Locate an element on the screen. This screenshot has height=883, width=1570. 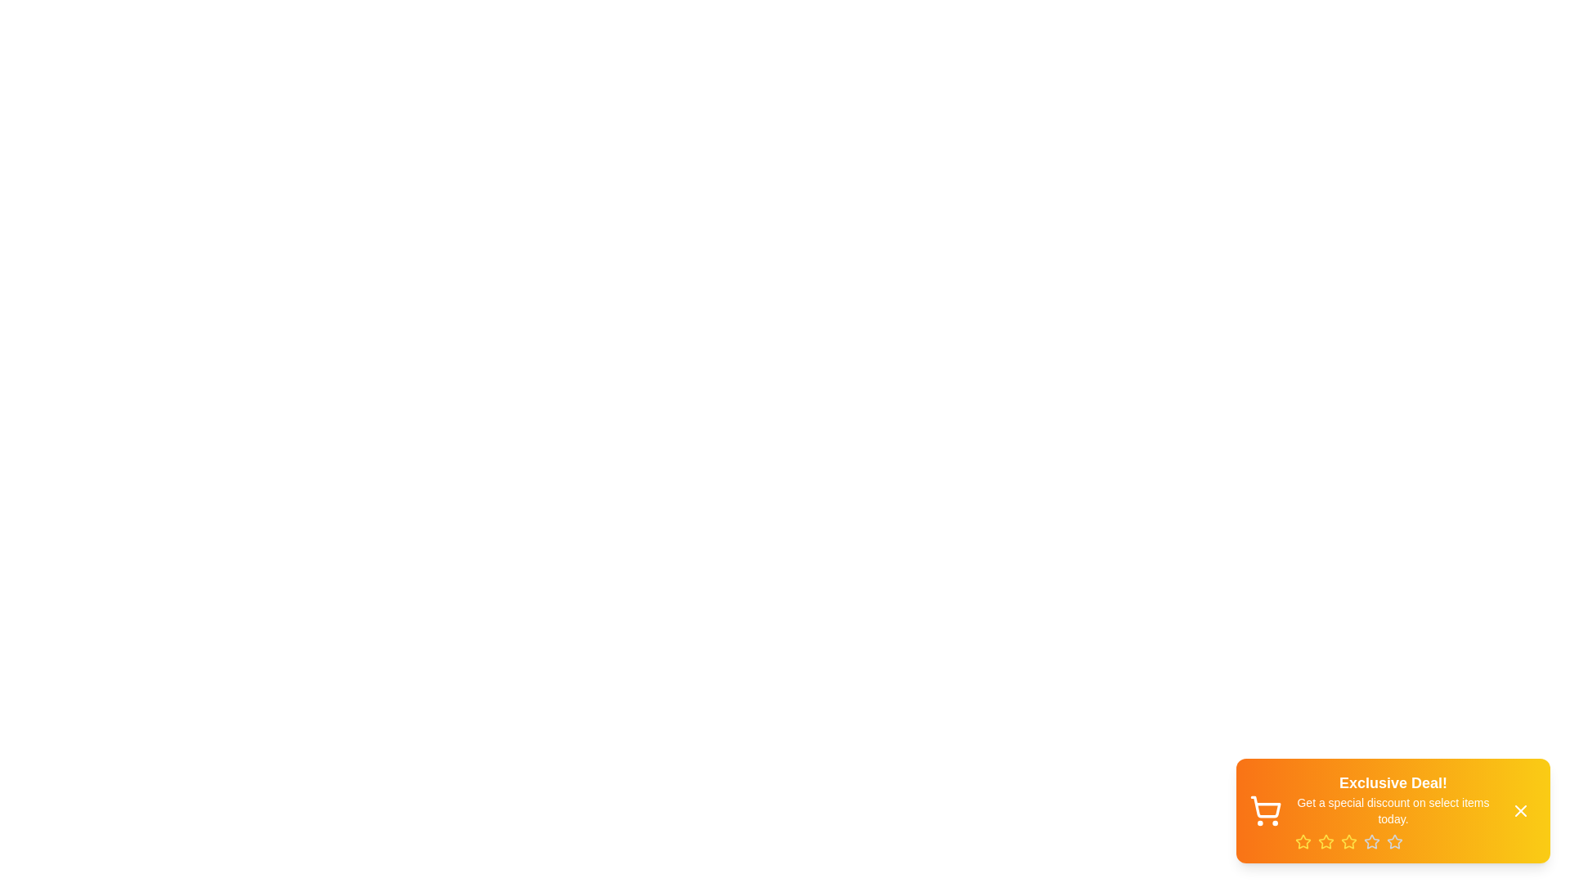
the rating by clicking on the star corresponding to the desired rating value (2) is located at coordinates (1326, 841).